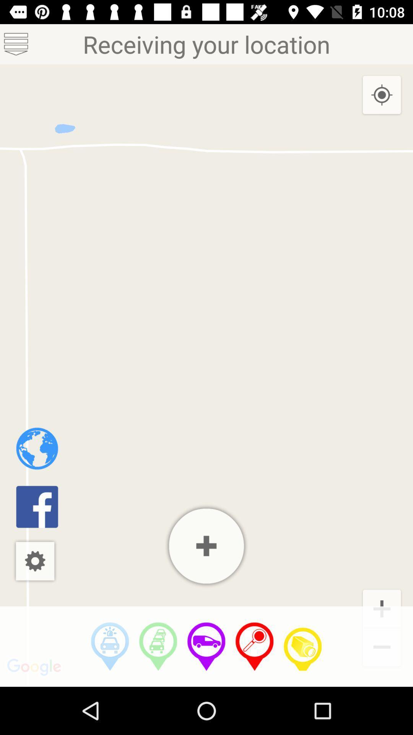  What do you see at coordinates (206, 546) in the screenshot?
I see `more details` at bounding box center [206, 546].